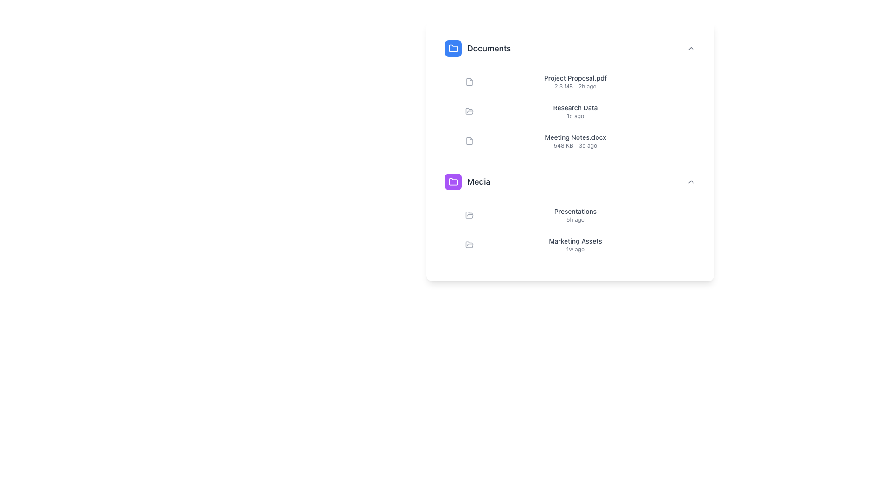  What do you see at coordinates (575, 137) in the screenshot?
I see `the 'Meeting Notes.docx' file label` at bounding box center [575, 137].